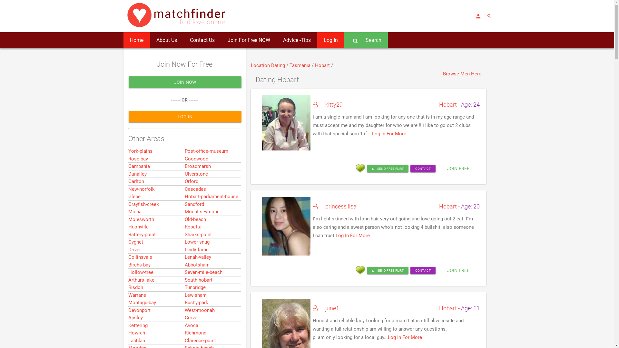 This screenshot has width=619, height=348. I want to click on 'Tasmania', so click(300, 65).